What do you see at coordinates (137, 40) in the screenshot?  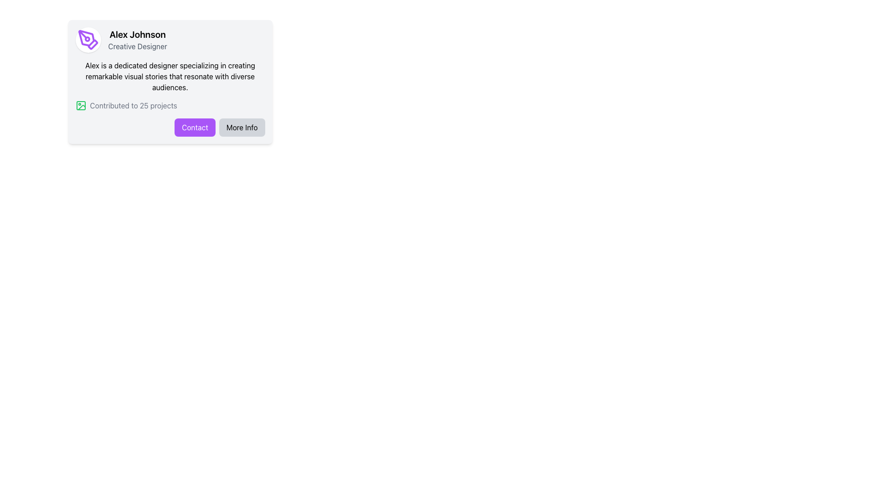 I see `the text display component that presents the individual's name and professional title, located centrally within a card-like interface, to the right of a decorative icon and above a descriptive paragraph` at bounding box center [137, 40].